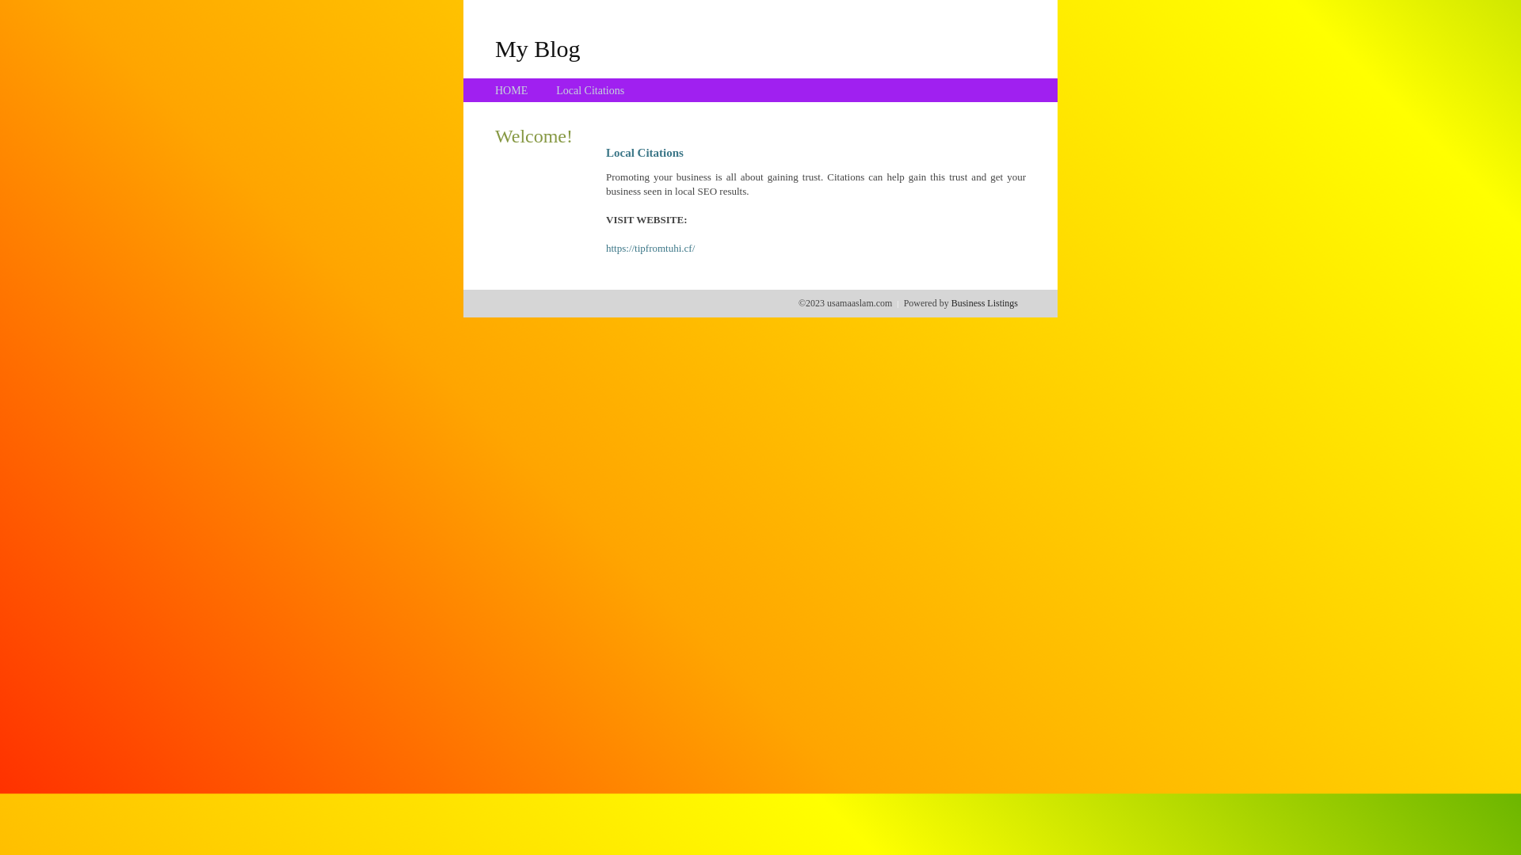 The height and width of the screenshot is (855, 1521). I want to click on 'https://tipfromtuhi.cf/', so click(650, 248).